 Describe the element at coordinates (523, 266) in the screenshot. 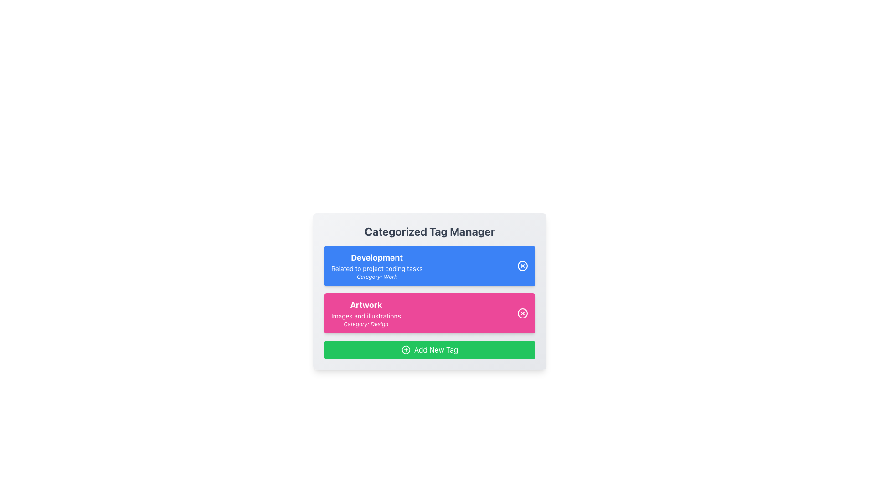

I see `the circular shape in the top-right of the 'Development' section, which is part of an icon indicating an action related to this section` at that location.